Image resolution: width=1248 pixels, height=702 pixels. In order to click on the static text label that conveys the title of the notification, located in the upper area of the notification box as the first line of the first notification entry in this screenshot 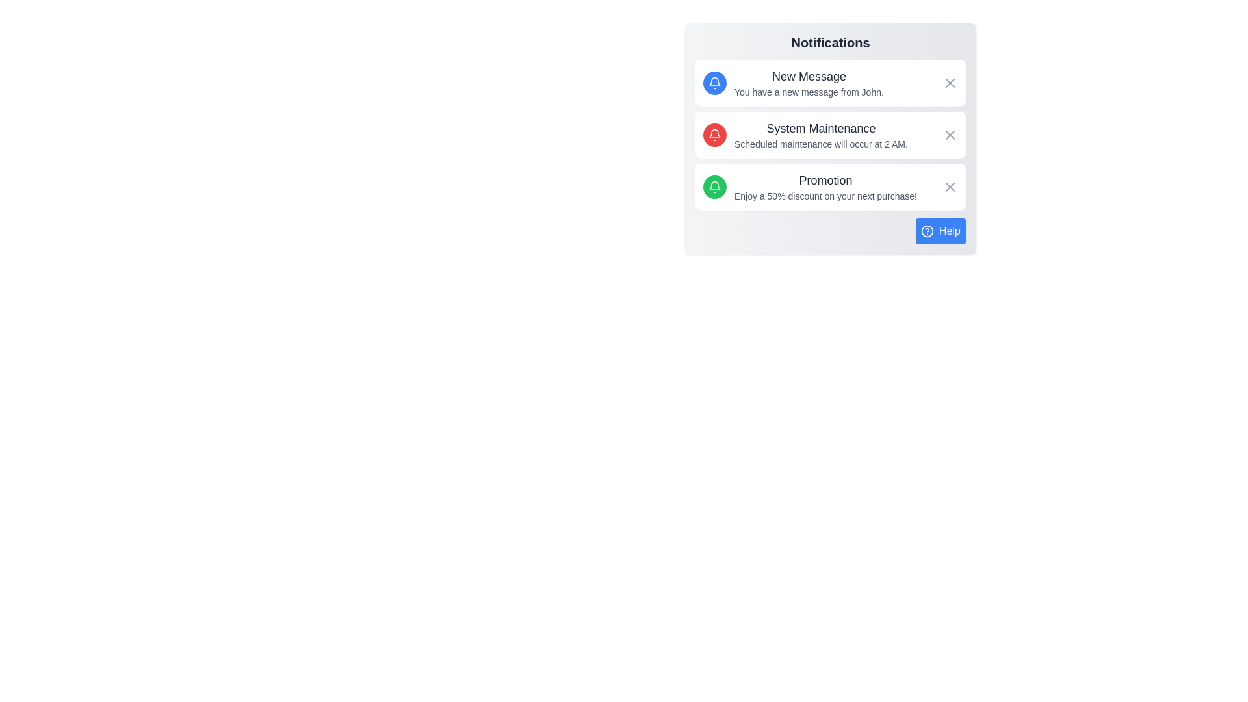, I will do `click(808, 77)`.